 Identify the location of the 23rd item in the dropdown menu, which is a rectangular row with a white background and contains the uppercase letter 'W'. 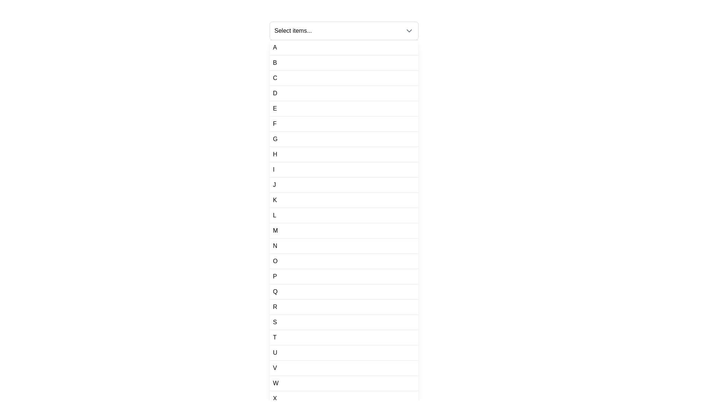
(344, 383).